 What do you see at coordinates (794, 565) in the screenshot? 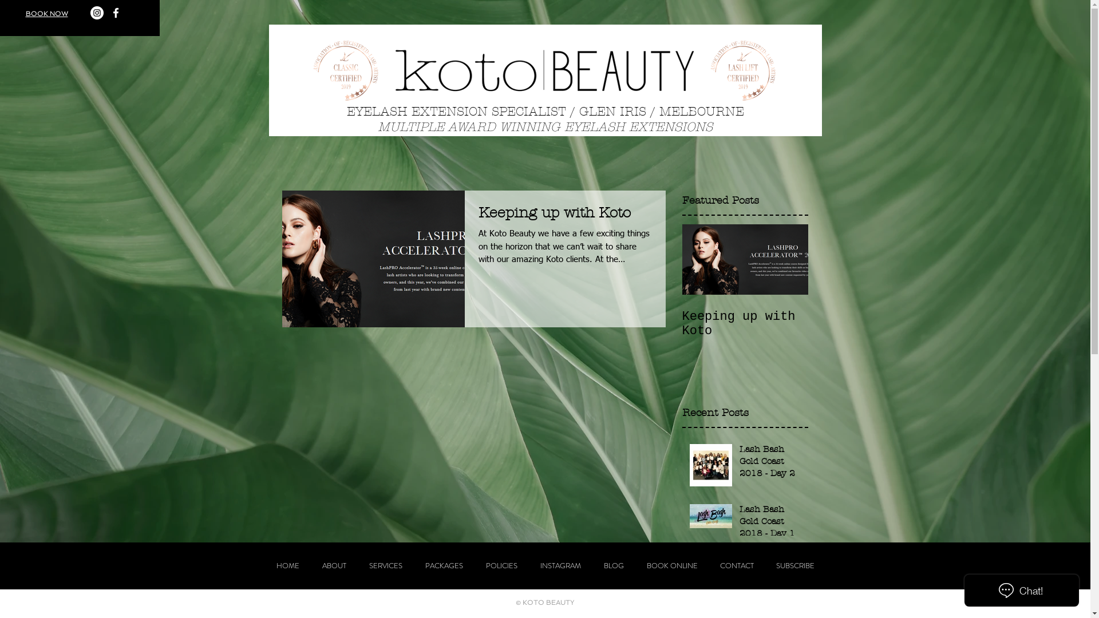
I see `'SUBSCRIBE'` at bounding box center [794, 565].